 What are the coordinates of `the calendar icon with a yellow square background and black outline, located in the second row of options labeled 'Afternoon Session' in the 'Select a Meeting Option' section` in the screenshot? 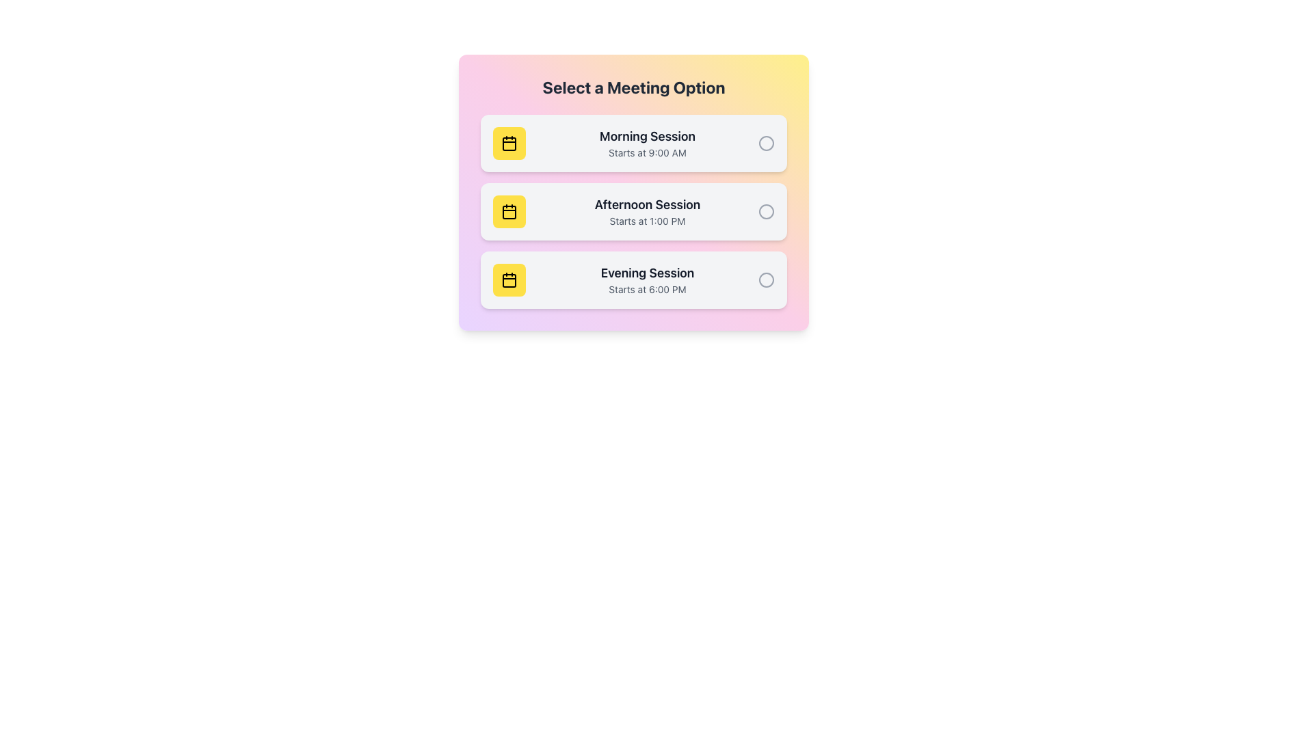 It's located at (508, 211).